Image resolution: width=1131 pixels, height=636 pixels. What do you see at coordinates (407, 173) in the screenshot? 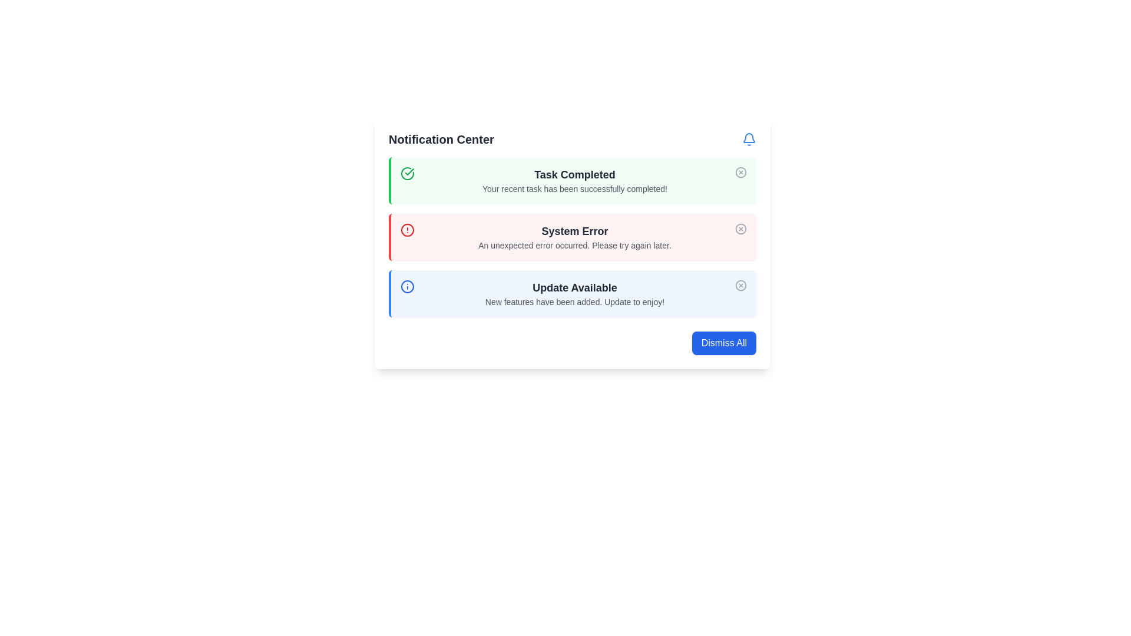
I see `the icon indicating successful task completion, located at the left side of the notification group near the 'Task Completed' message` at bounding box center [407, 173].